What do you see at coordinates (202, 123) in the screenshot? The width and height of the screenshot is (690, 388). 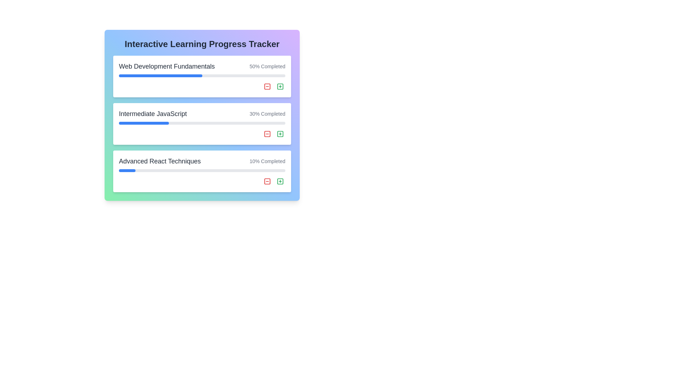 I see `the horizontal progress bar indicating progress for the 'Intermediate JavaScript' section in the 'Interactive Learning Progress Tracker'` at bounding box center [202, 123].